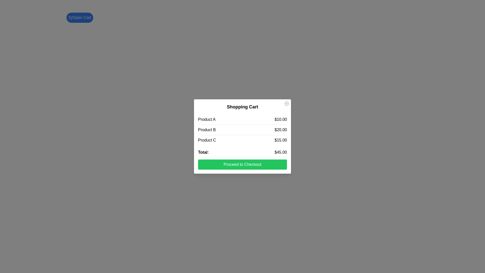 The width and height of the screenshot is (485, 273). What do you see at coordinates (280, 152) in the screenshot?
I see `the monetary value text label displaying '$45.00' located at the bottom-right corner of the summary section in the shopping cart view` at bounding box center [280, 152].